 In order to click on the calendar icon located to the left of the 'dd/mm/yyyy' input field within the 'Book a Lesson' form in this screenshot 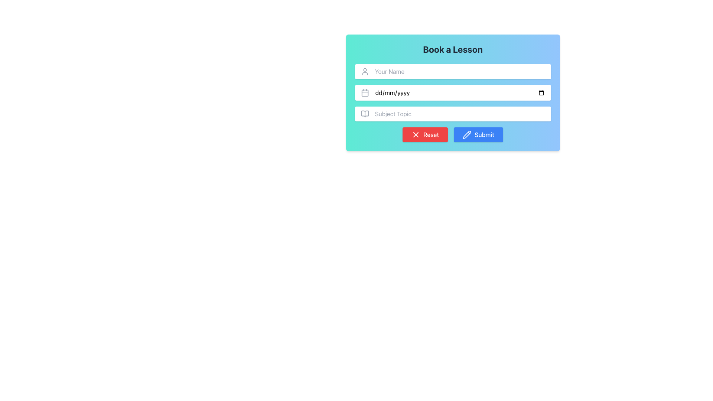, I will do `click(365, 92)`.